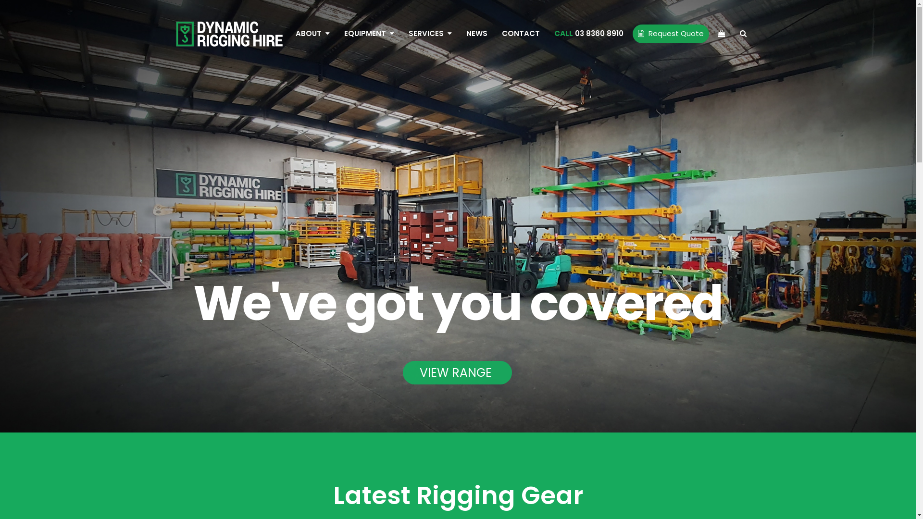 The height and width of the screenshot is (519, 923). What do you see at coordinates (312, 33) in the screenshot?
I see `'ABOUT'` at bounding box center [312, 33].